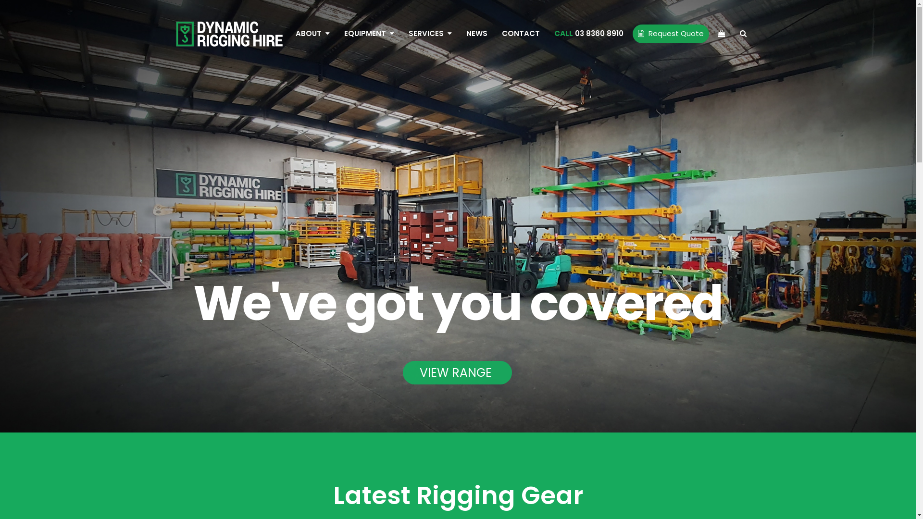 The height and width of the screenshot is (519, 923). What do you see at coordinates (312, 33) in the screenshot?
I see `'ABOUT'` at bounding box center [312, 33].